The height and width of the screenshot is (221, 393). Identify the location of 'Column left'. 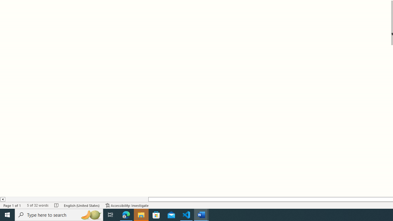
(2, 199).